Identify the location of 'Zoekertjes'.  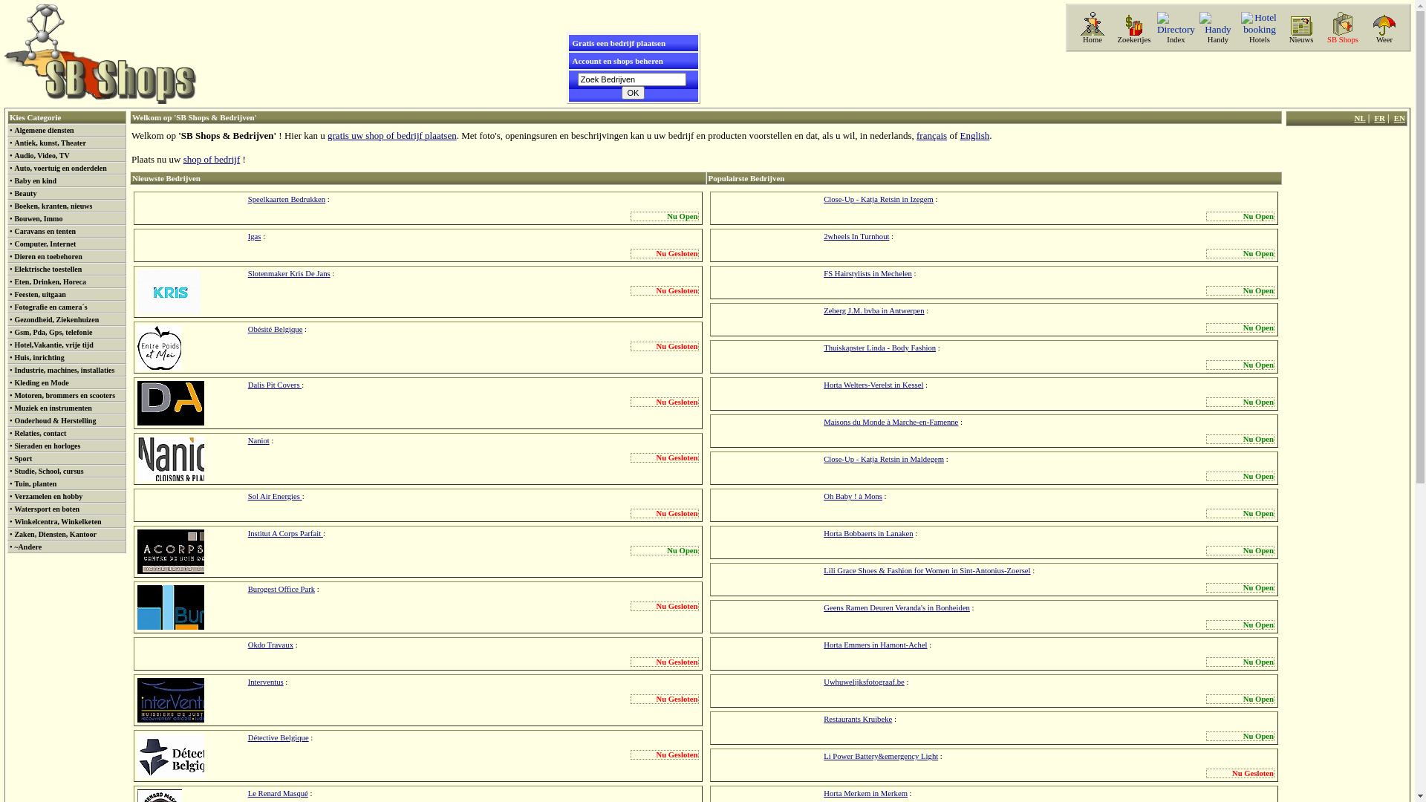
(1133, 39).